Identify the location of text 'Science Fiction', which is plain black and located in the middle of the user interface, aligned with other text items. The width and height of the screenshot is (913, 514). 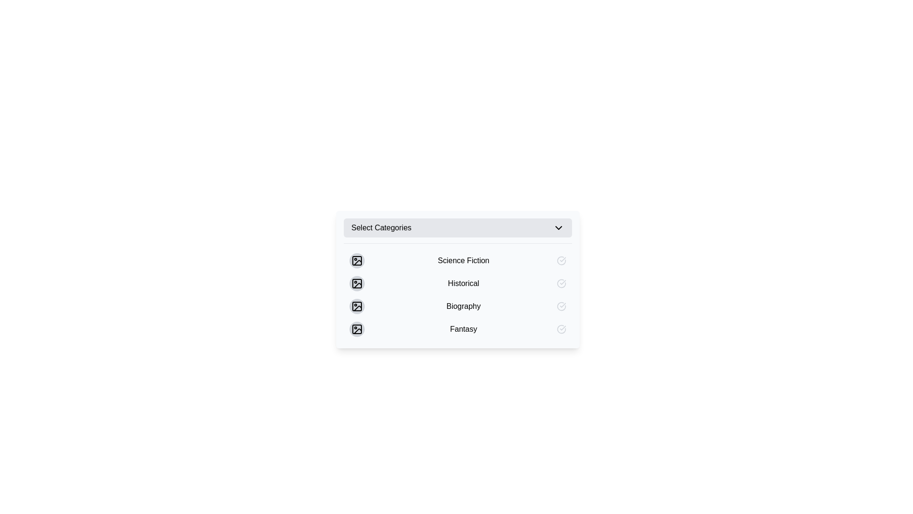
(463, 260).